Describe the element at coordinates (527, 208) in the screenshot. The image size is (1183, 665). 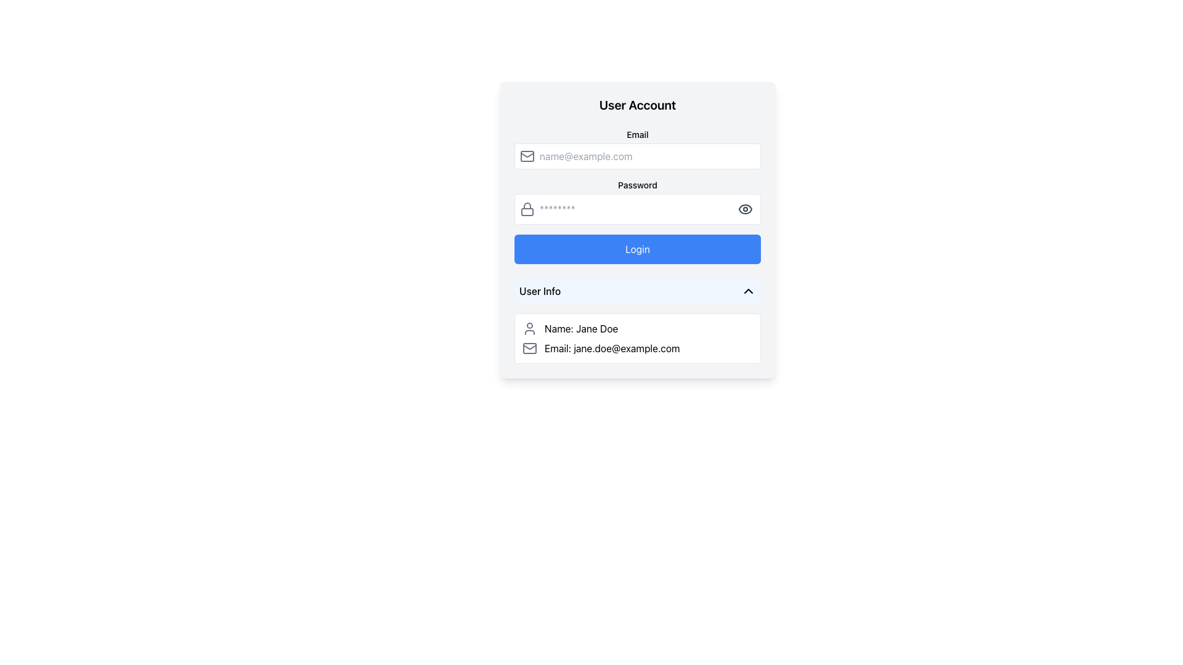
I see `the gray lock icon with a rounded outline and a keyhole, located to the immediate left of the password input field in the login form` at that location.